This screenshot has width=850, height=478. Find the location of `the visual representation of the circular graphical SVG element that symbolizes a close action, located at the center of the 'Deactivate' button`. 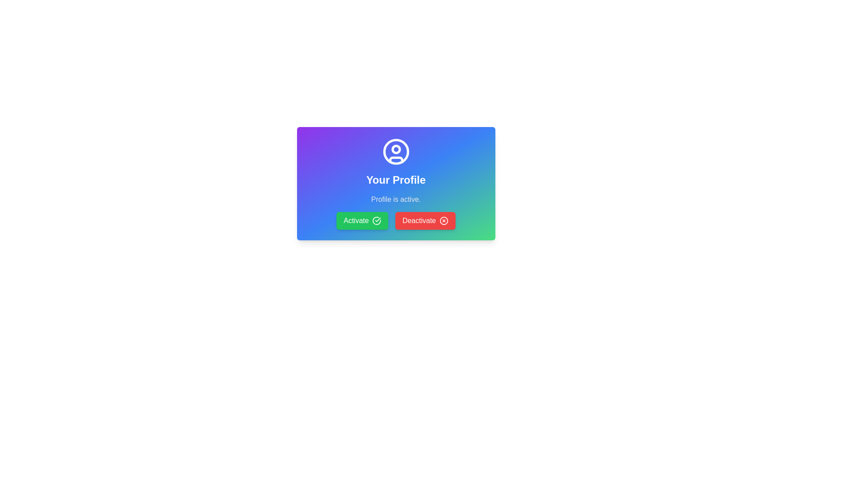

the visual representation of the circular graphical SVG element that symbolizes a close action, located at the center of the 'Deactivate' button is located at coordinates (444, 220).